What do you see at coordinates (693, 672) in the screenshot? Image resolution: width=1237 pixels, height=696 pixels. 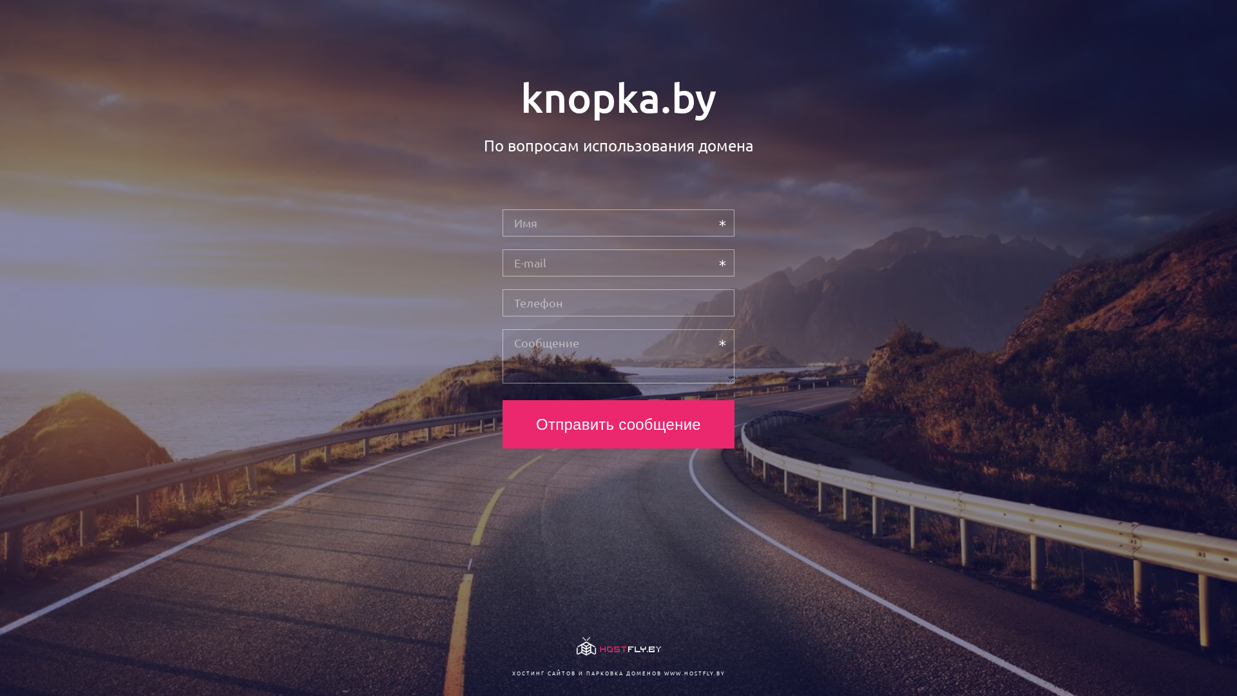 I see `'WWW.HOSTFLY.BY'` at bounding box center [693, 672].